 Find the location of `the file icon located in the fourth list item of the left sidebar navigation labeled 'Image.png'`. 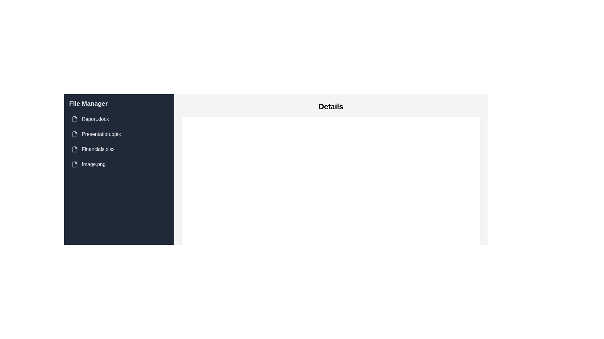

the file icon located in the fourth list item of the left sidebar navigation labeled 'Image.png' is located at coordinates (75, 164).